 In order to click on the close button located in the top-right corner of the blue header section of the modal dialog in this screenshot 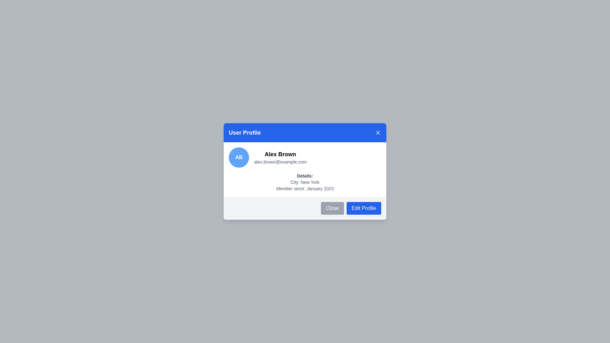, I will do `click(378, 132)`.